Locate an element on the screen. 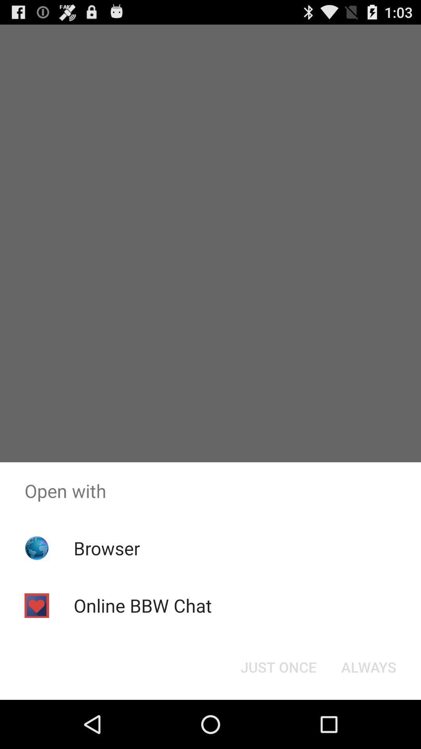 Image resolution: width=421 pixels, height=749 pixels. the app below open with is located at coordinates (278, 666).